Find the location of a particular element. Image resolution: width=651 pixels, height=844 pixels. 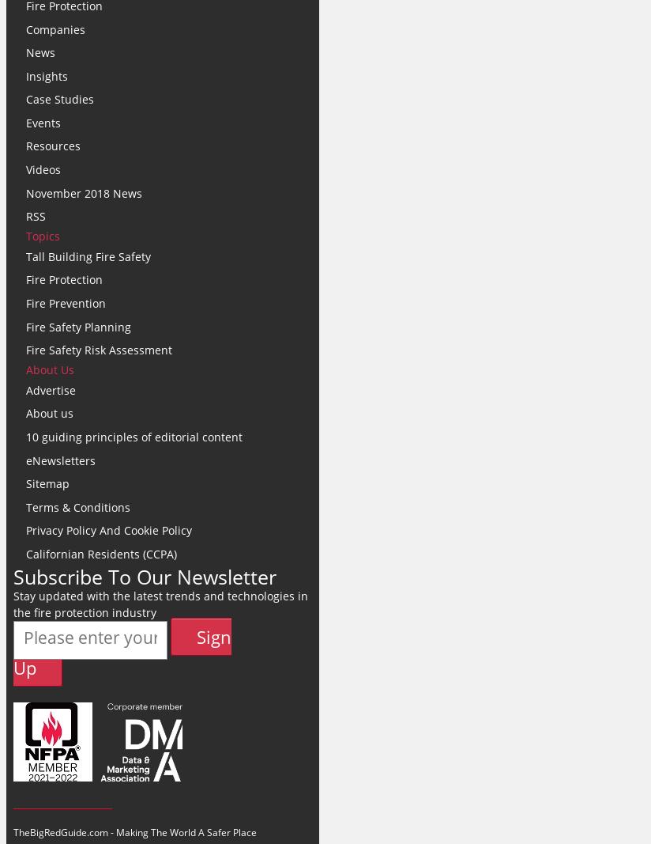

'Sign Up' is located at coordinates (121, 650).